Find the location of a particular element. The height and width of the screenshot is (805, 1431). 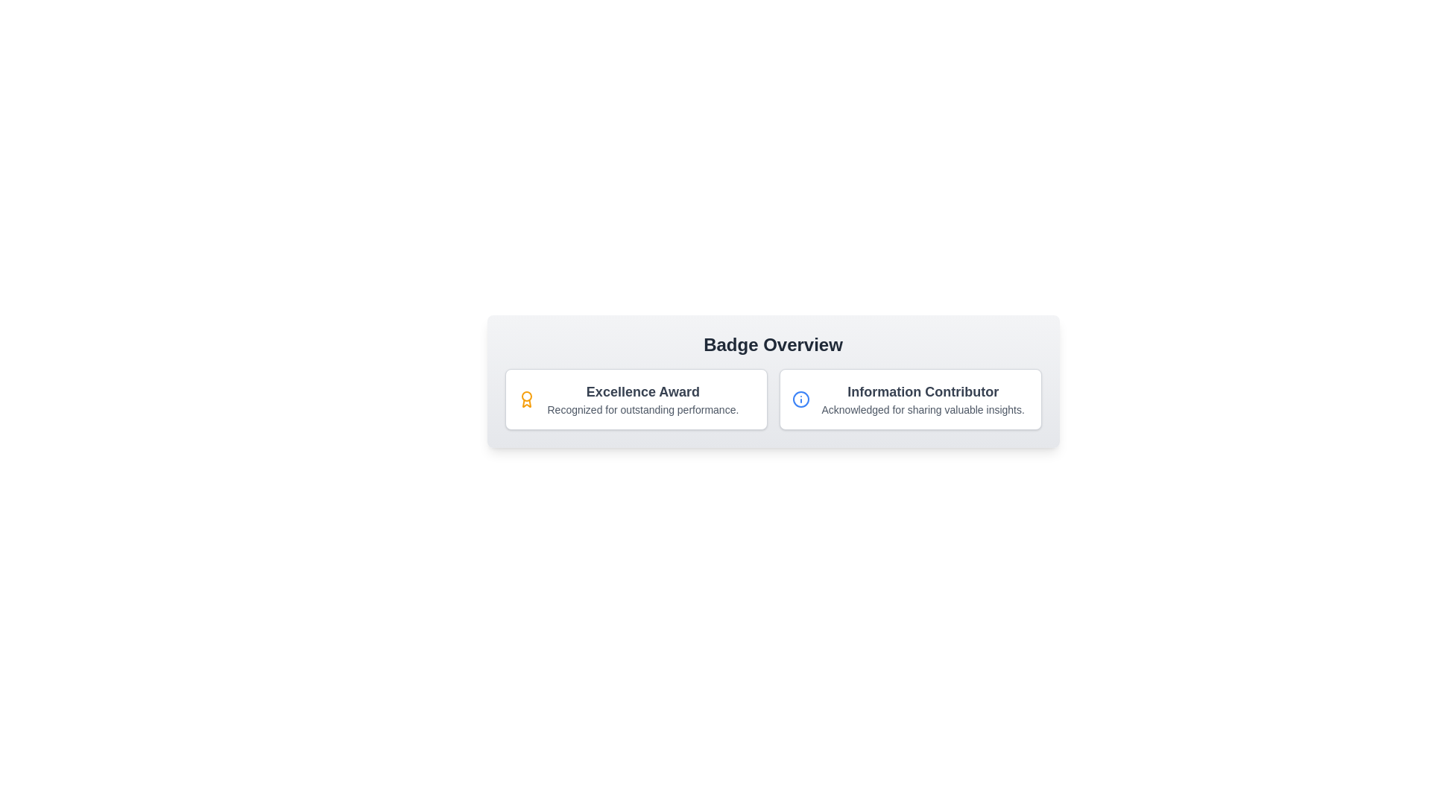

the text label displaying 'Excellence Award', which is bold and gray, indicating its importance in the interface is located at coordinates (642, 391).